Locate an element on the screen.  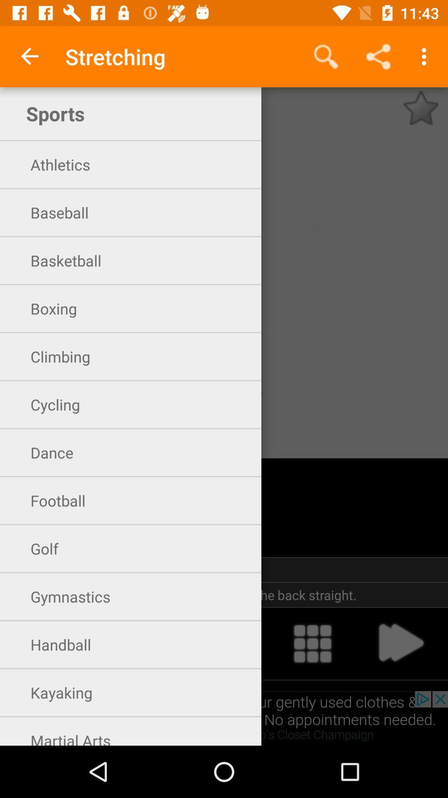
item to the left of the stretching icon is located at coordinates (30, 56).